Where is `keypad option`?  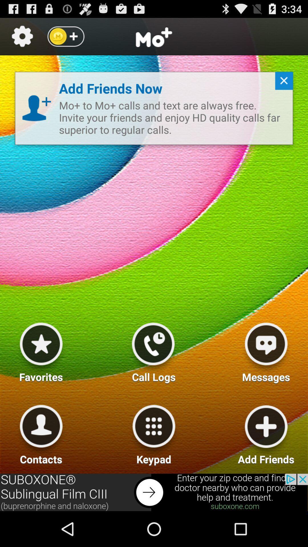
keypad option is located at coordinates (153, 432).